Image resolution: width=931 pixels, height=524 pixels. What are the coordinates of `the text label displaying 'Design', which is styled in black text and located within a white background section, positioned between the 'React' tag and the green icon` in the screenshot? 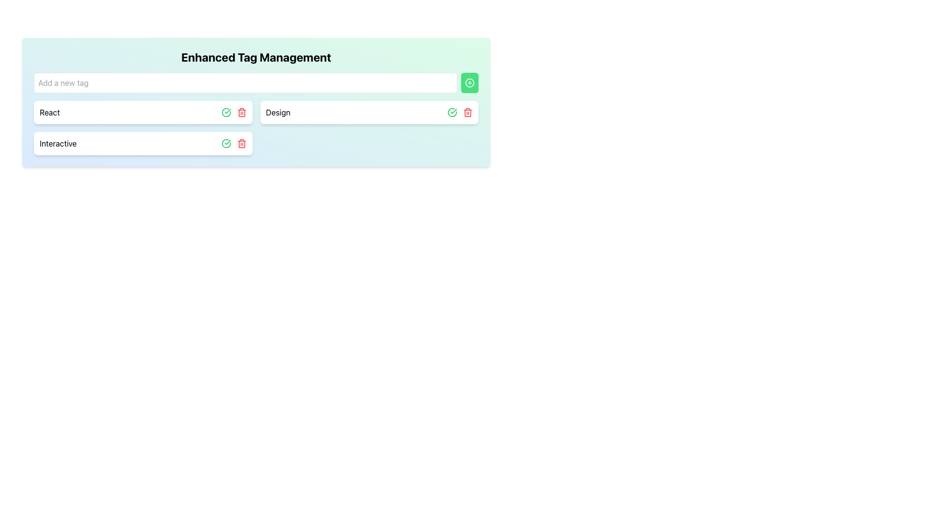 It's located at (277, 112).